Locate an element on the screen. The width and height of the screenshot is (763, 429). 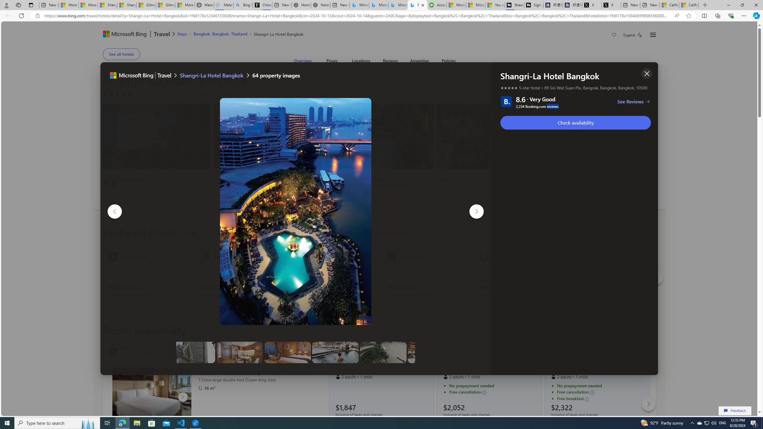
'Nordace - #1 Japanese Best-Seller - Siena Smart Backpack' is located at coordinates (320, 5).